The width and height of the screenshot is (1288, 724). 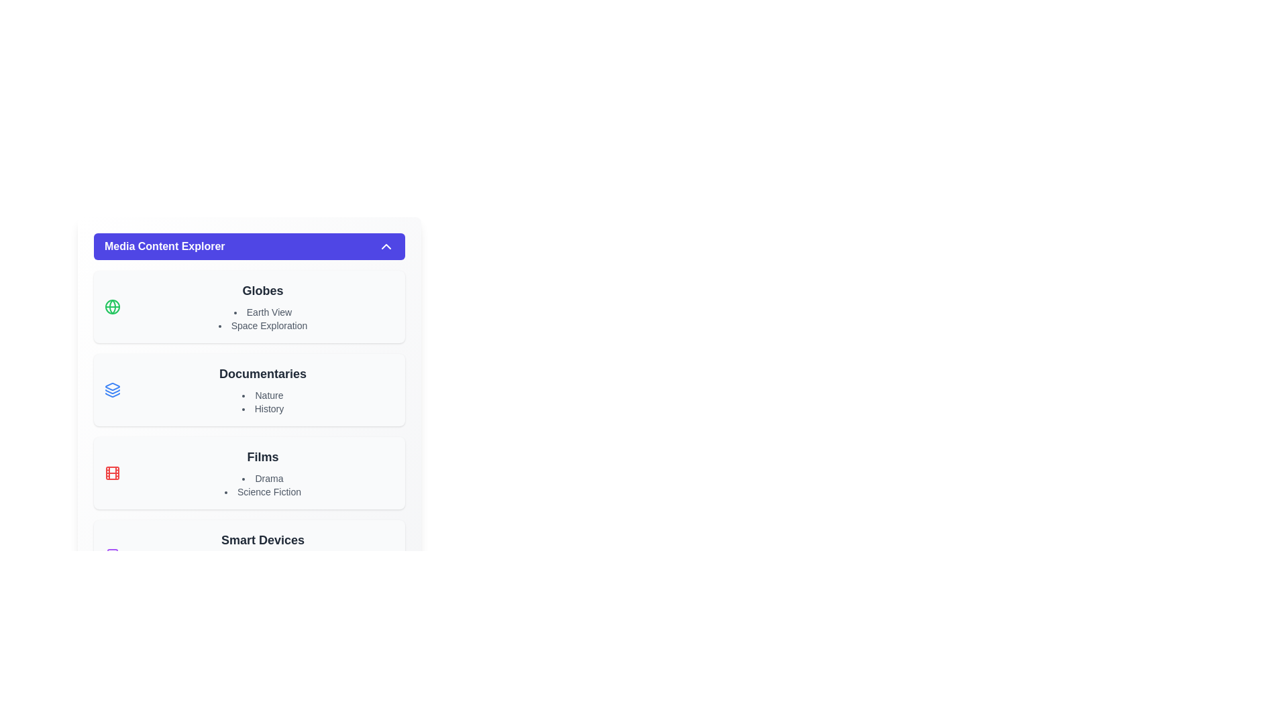 I want to click on the first list item indicating the 'Drama' genre within the 'Films' list located beneath the 'Media Content Explorer' header, so click(x=263, y=477).